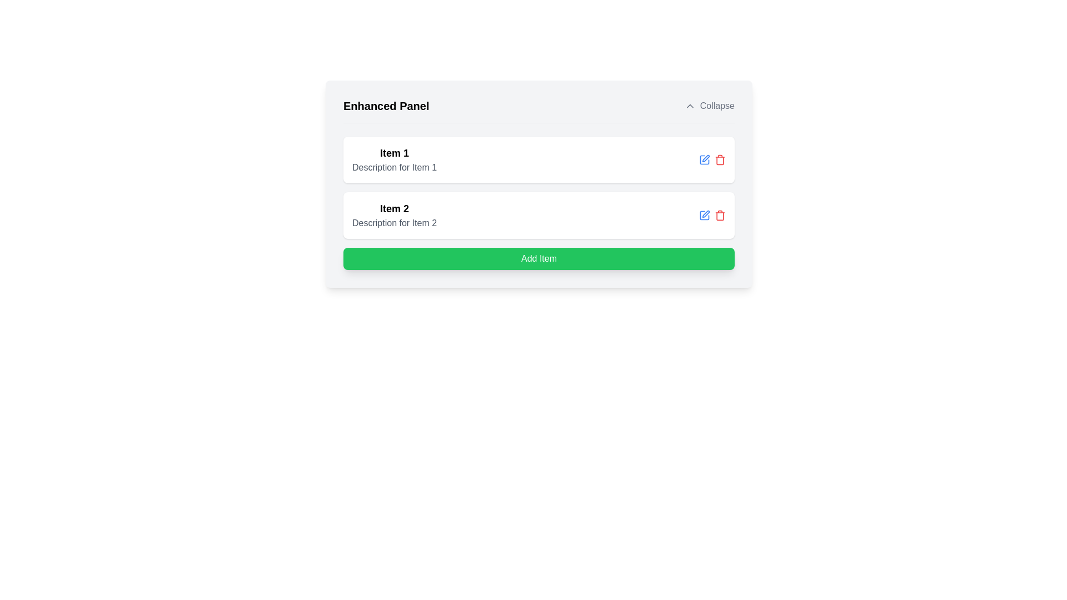 The width and height of the screenshot is (1067, 600). I want to click on the vertical body of the trash can icon, which is located near the right end of each item row in the panel, so click(720, 161).